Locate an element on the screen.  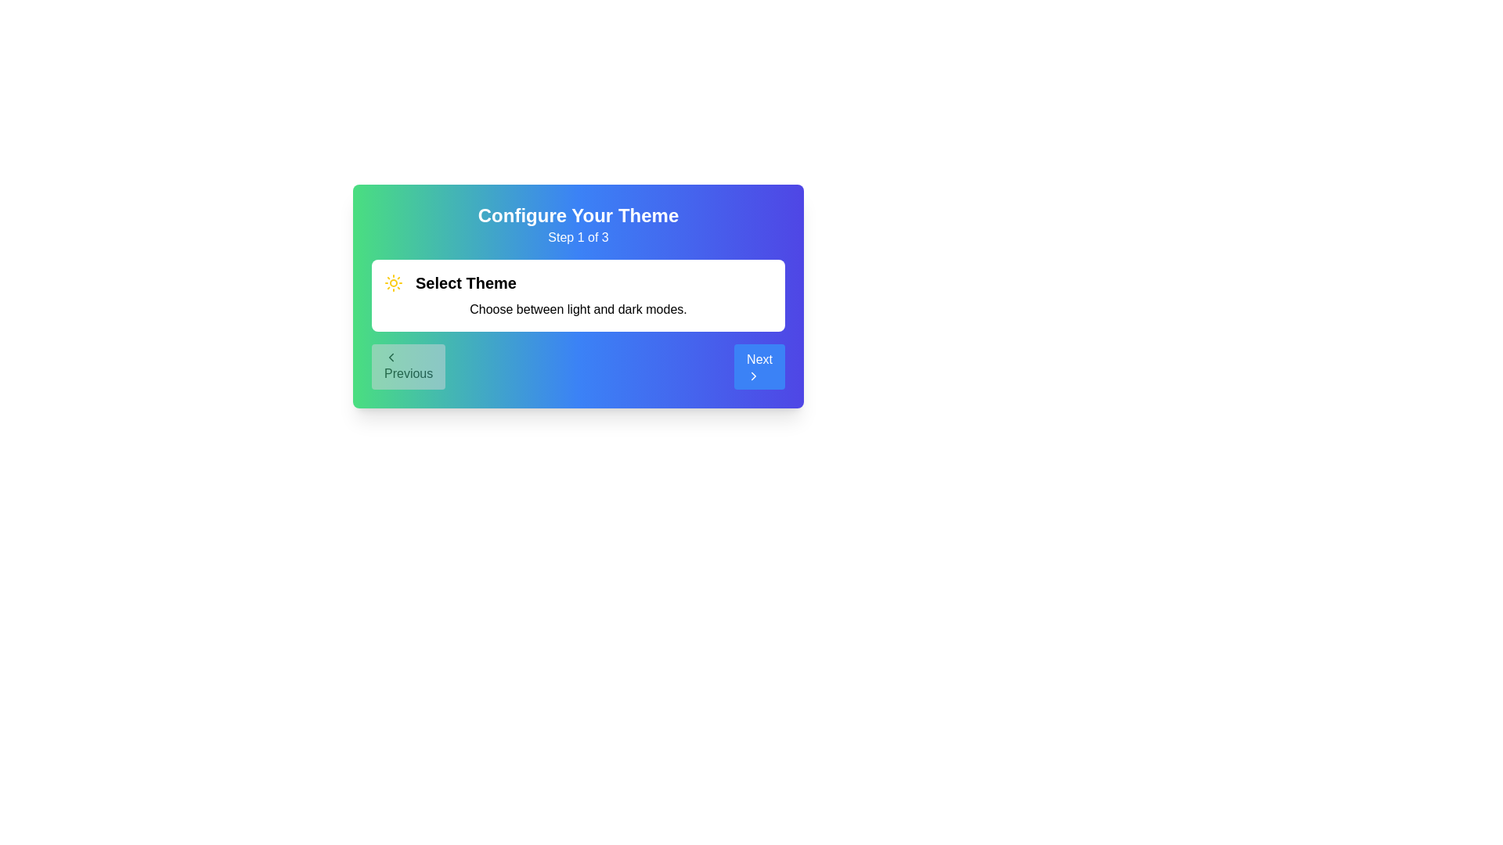
the right-pointing chevron icon located within the 'Next' button is located at coordinates (754, 376).